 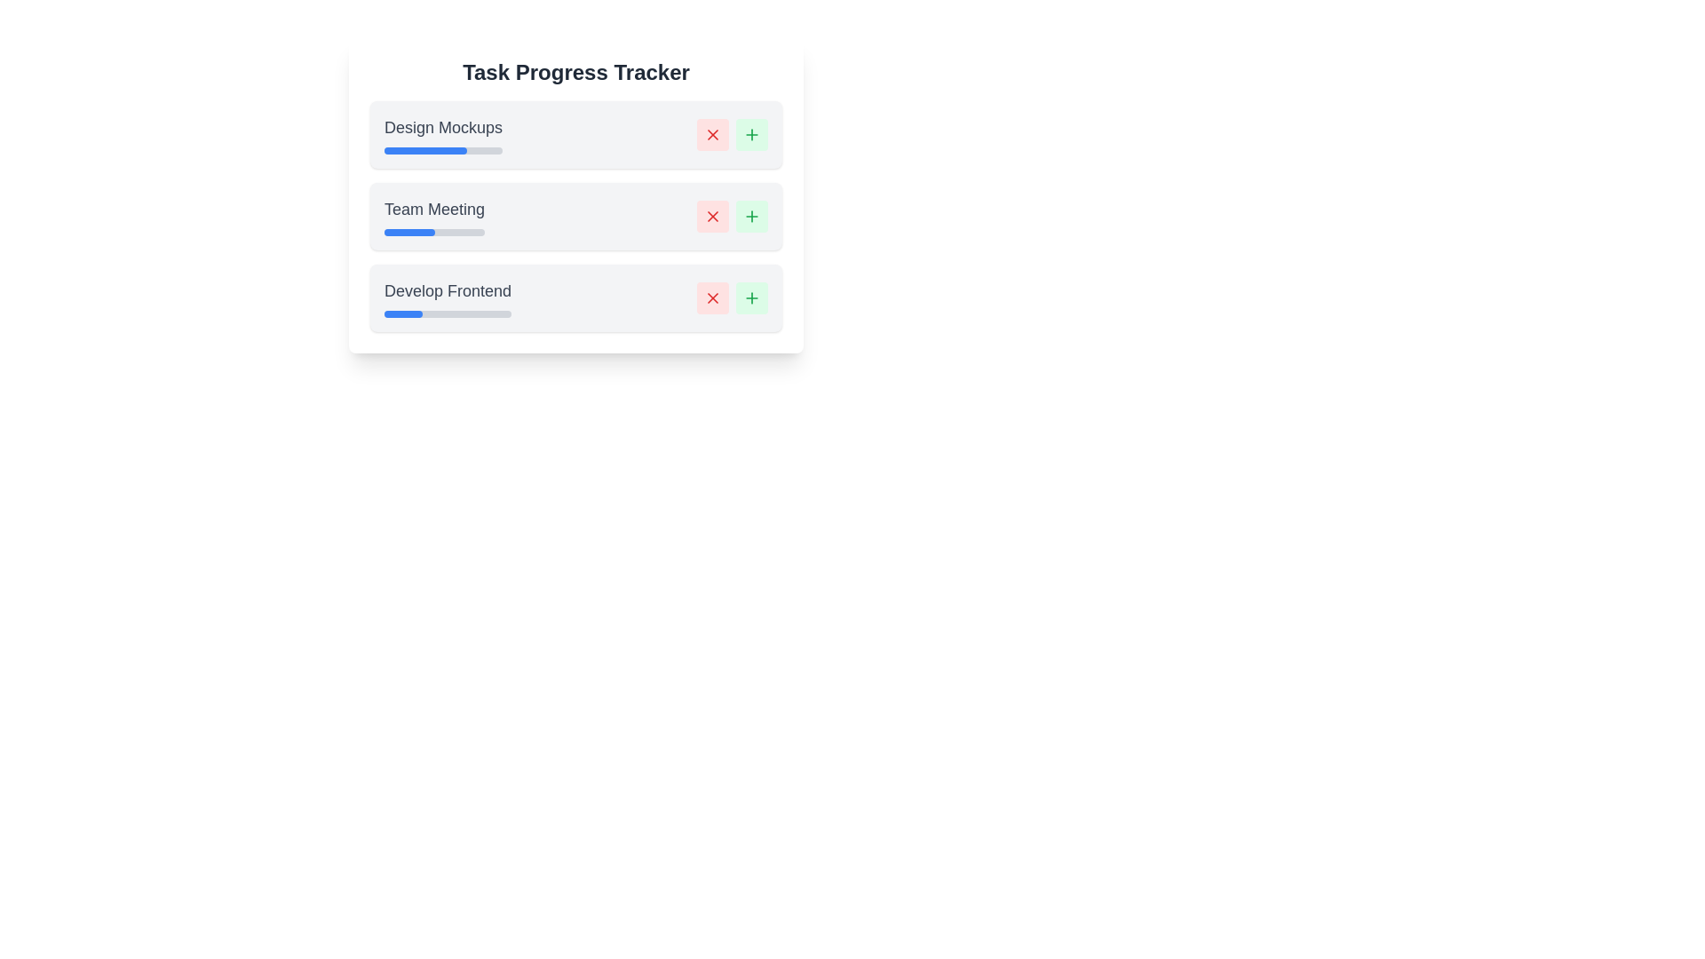 I want to click on the plus button for the task Develop Frontend to adjust its progress, so click(x=751, y=297).